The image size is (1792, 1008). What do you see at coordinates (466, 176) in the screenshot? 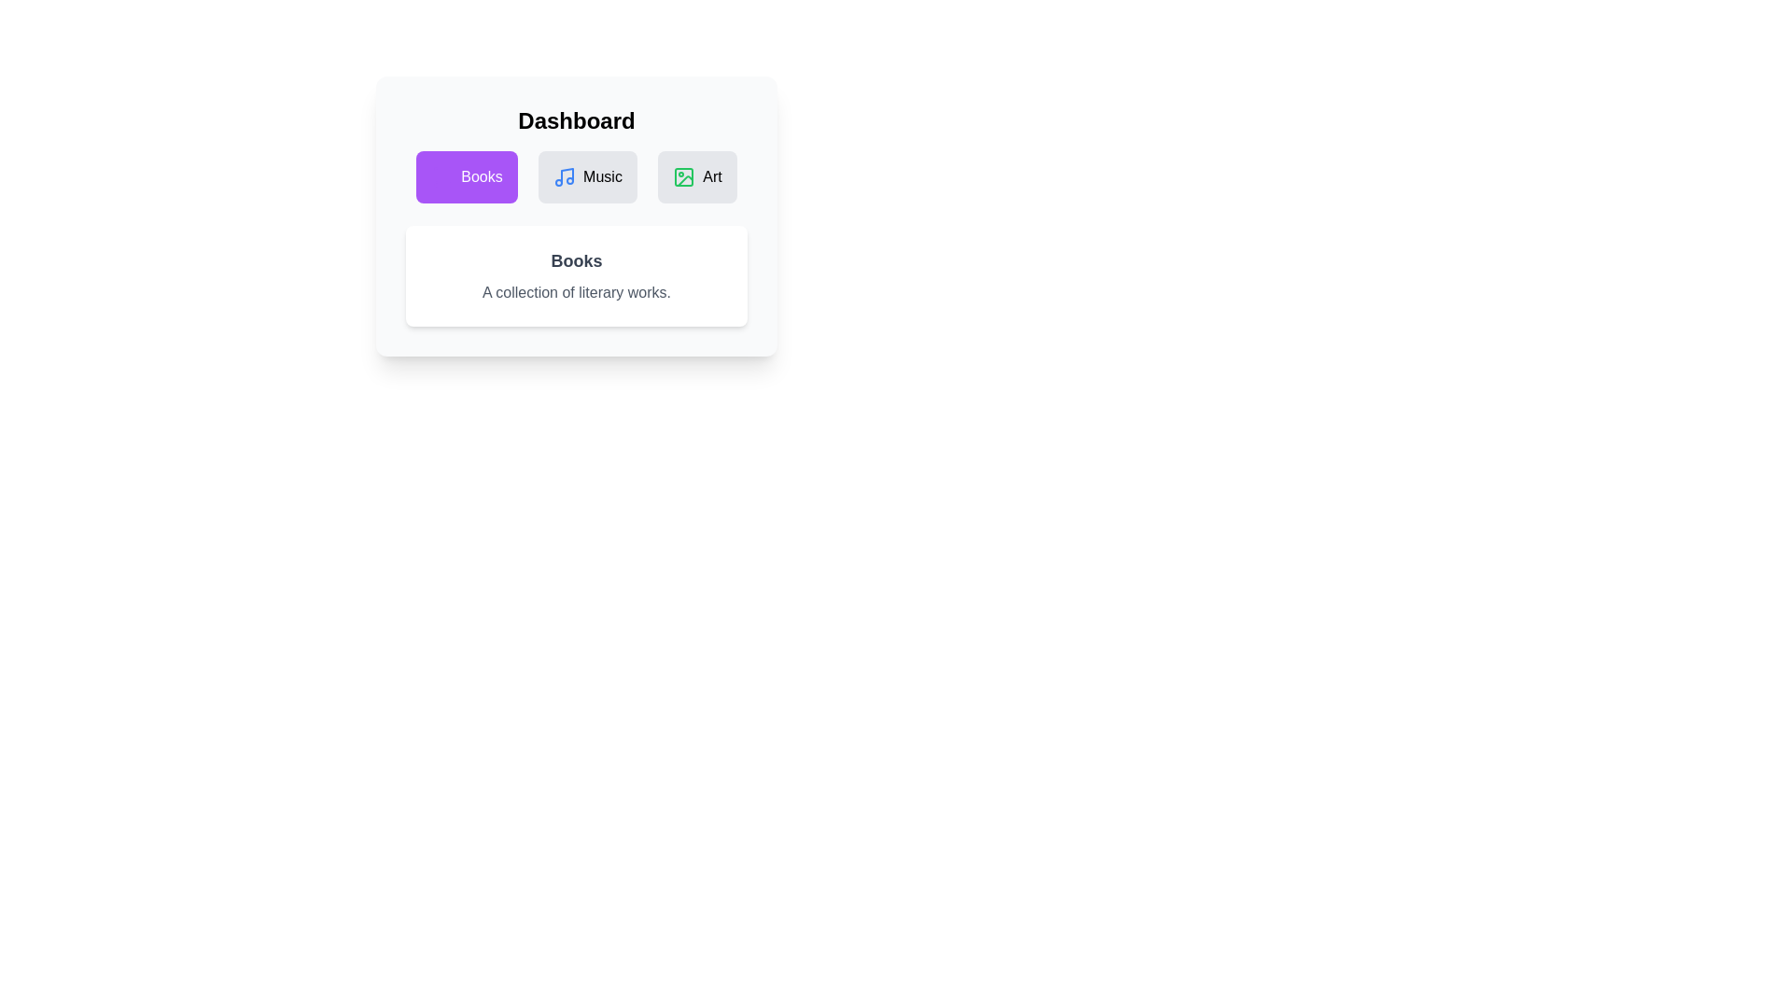
I see `the Books tab button to switch to the respective tab` at bounding box center [466, 176].